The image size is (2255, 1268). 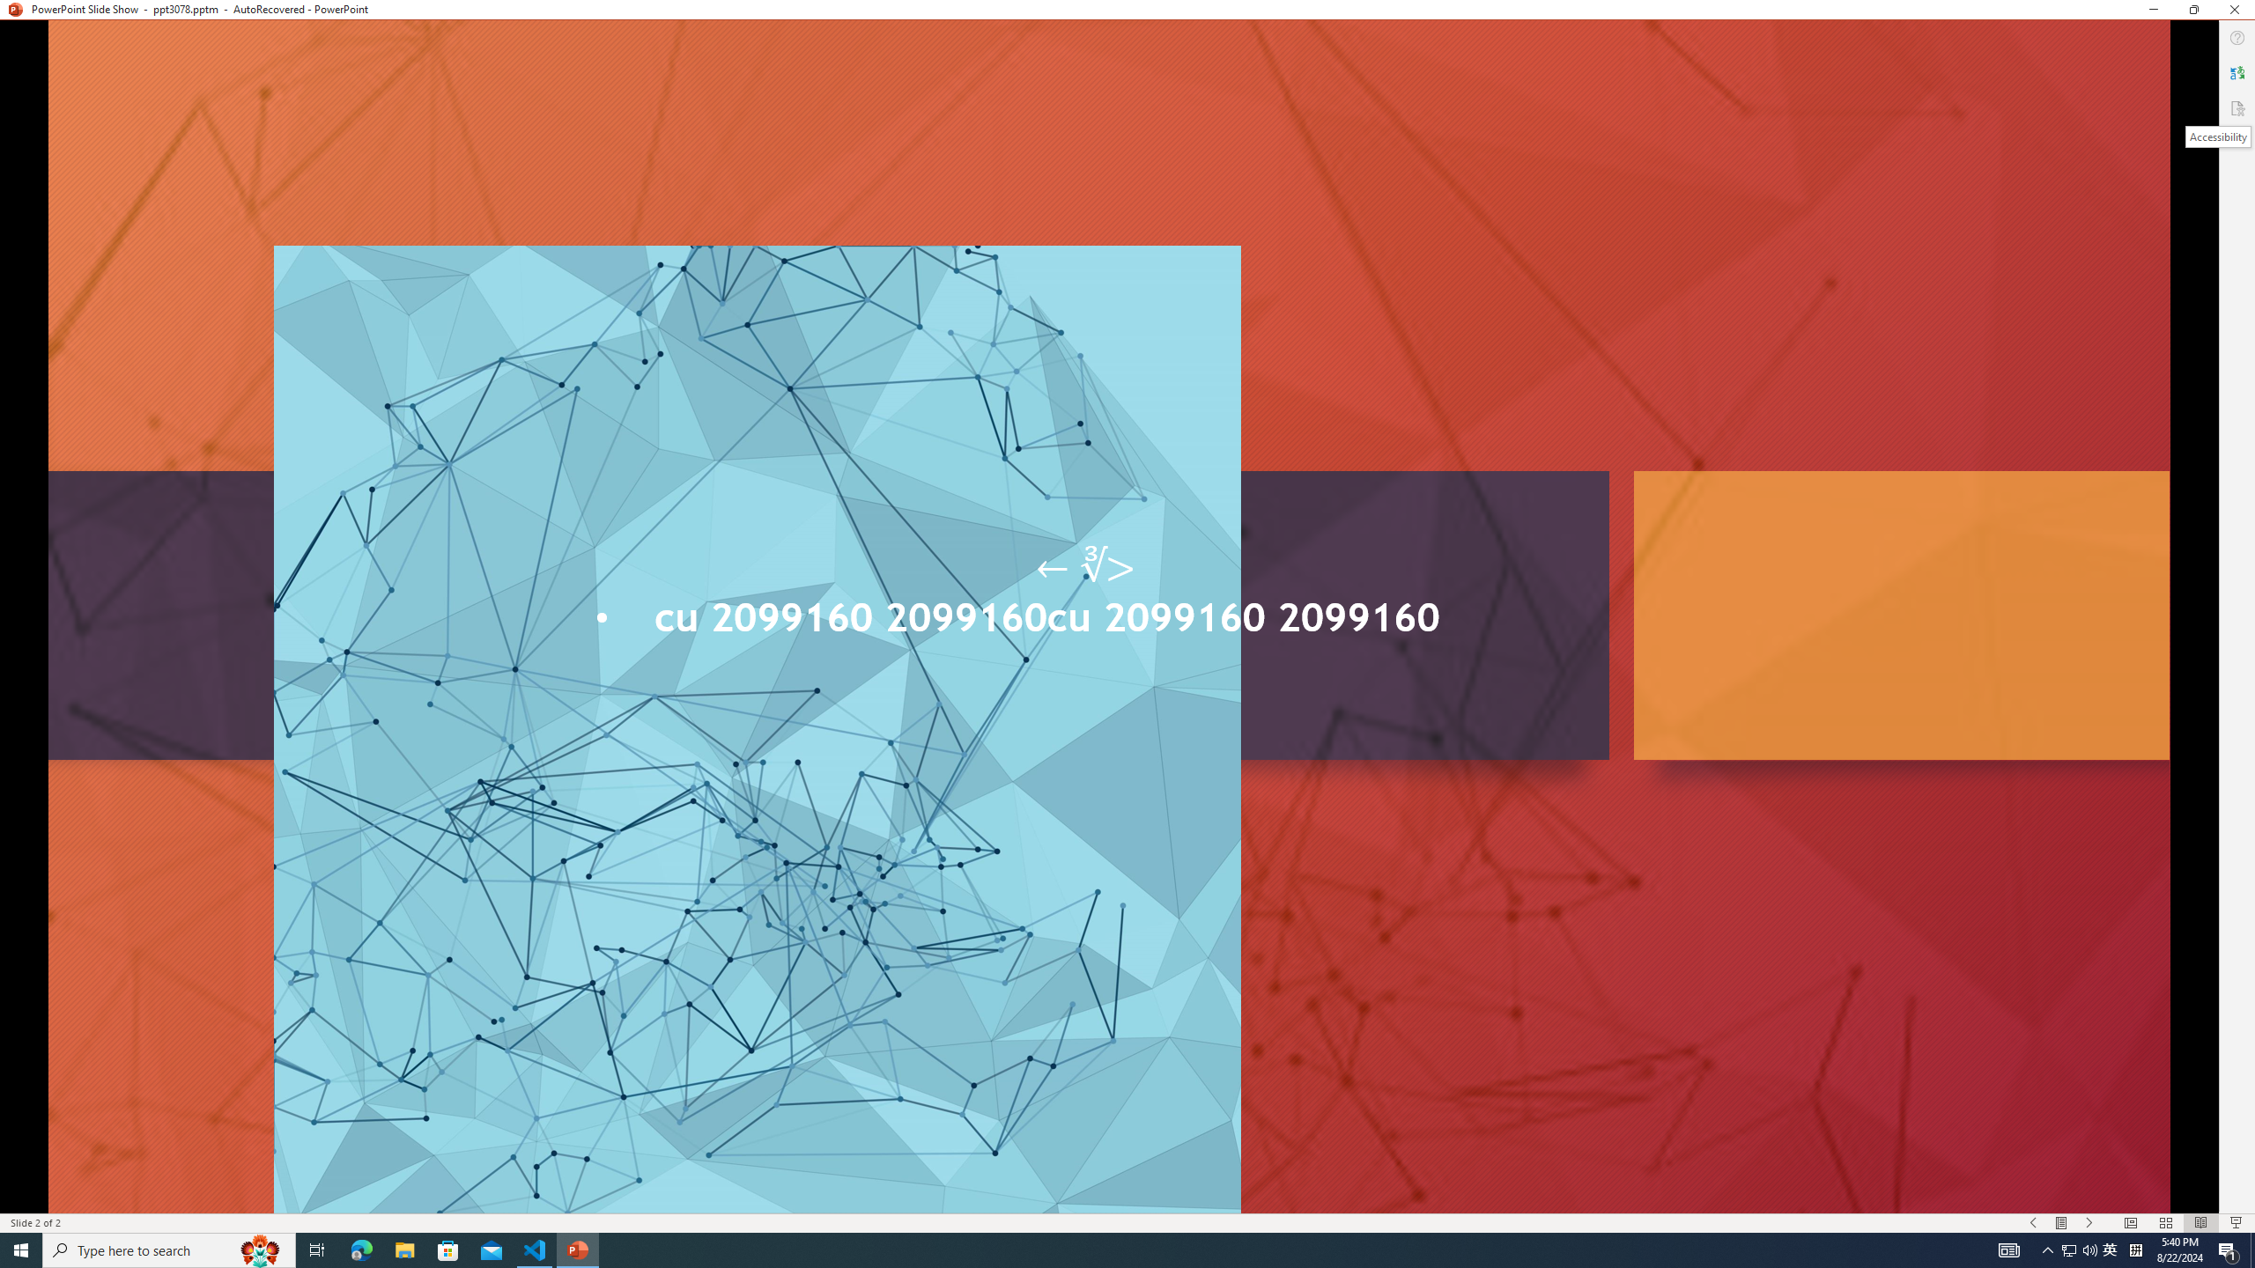 I want to click on 'Slide Show Next On', so click(x=2089, y=1223).